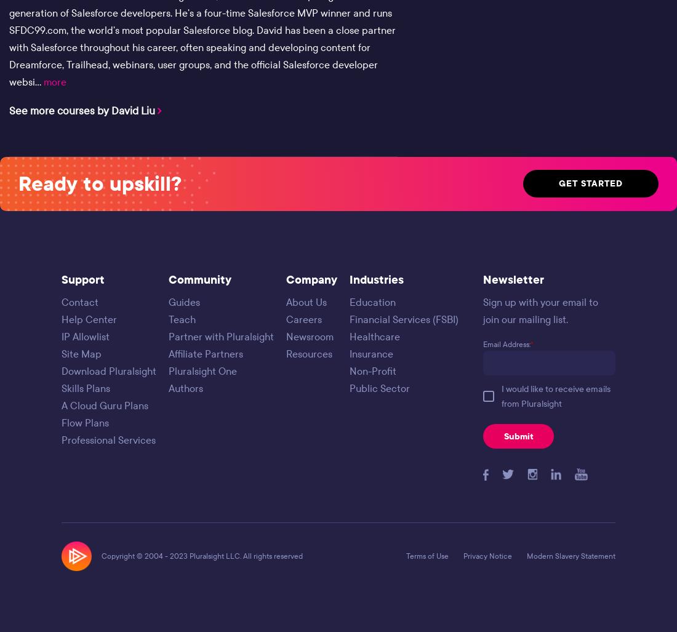 The image size is (677, 632). I want to click on 'Download Pluralsight', so click(61, 370).